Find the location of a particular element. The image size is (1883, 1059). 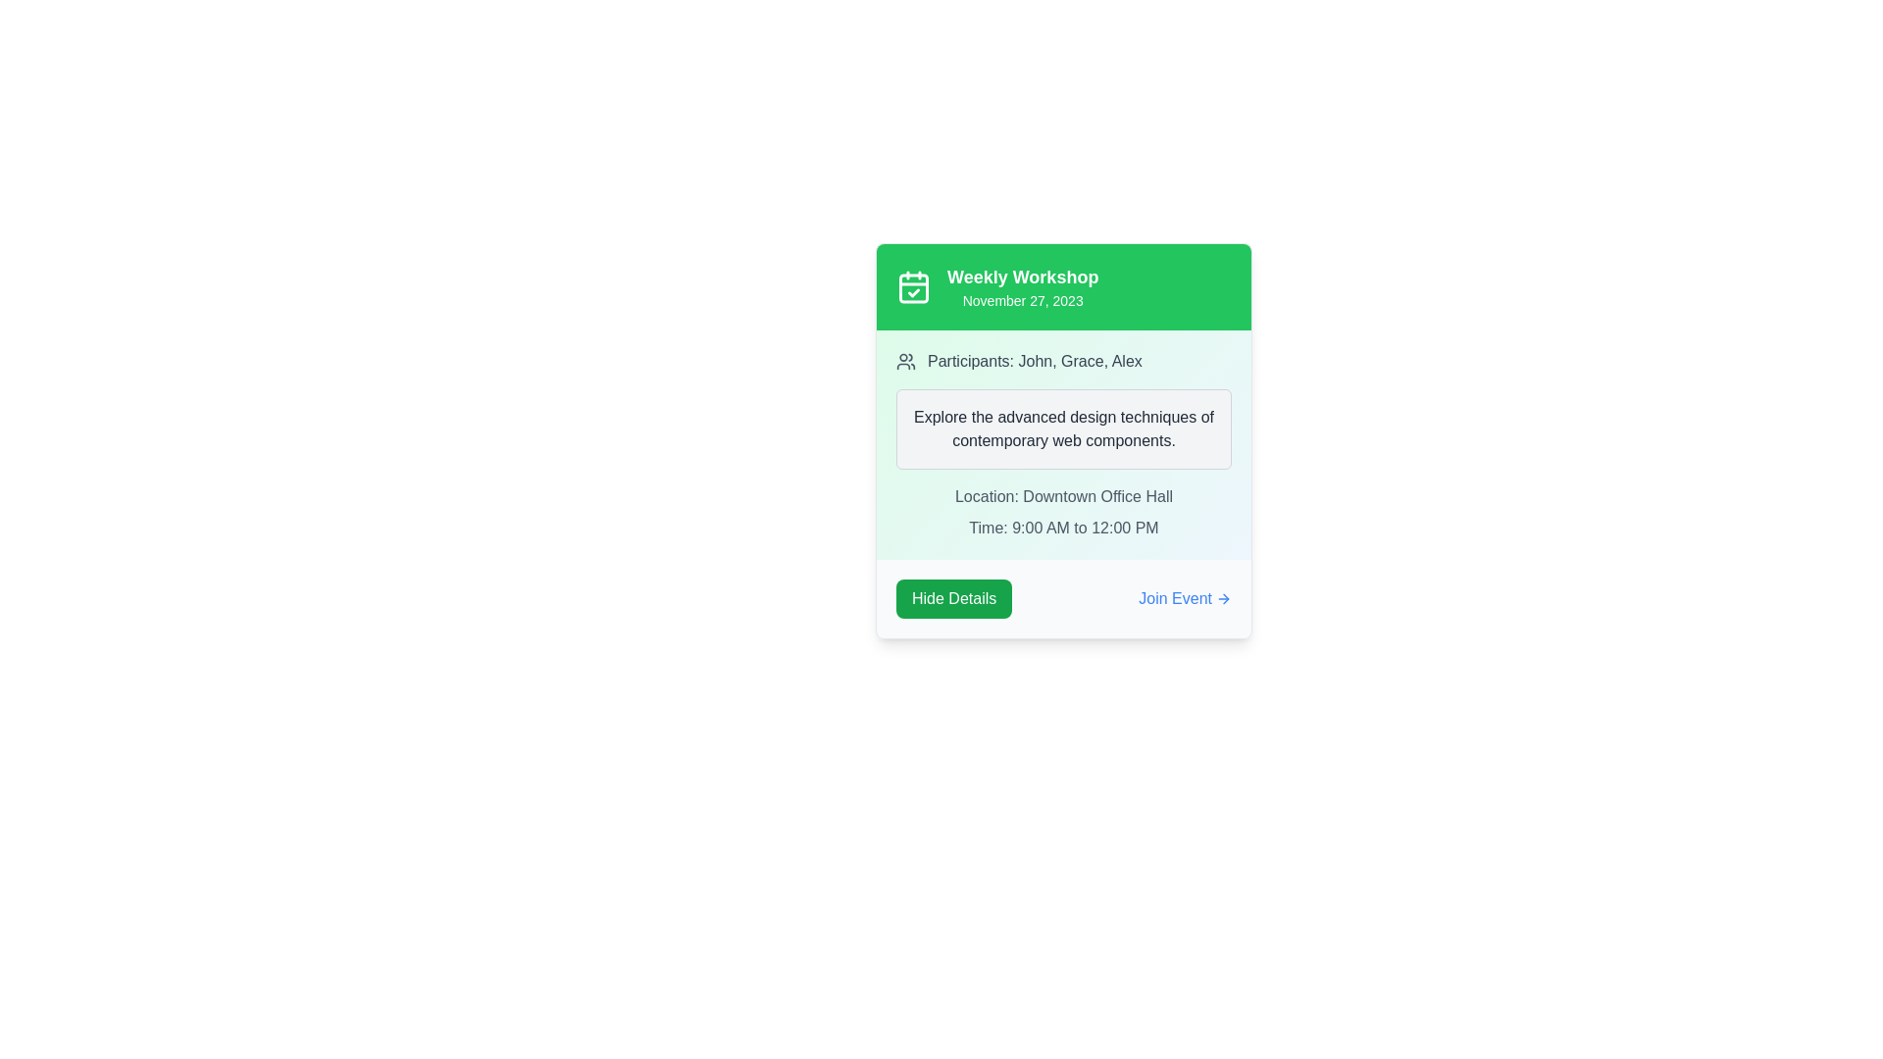

the 'Weekly Workshop' text label, which is prominently displayed in a bold, large font with a green background, located in the upper-left section of the green header block is located at coordinates (1022, 277).